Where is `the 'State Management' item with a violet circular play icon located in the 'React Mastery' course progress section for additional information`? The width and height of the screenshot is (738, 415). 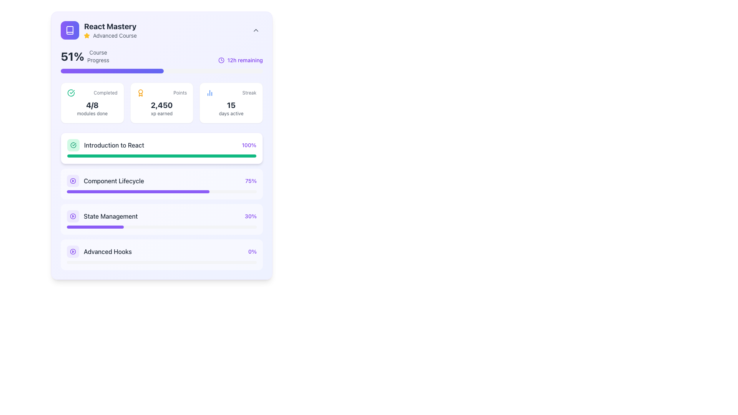
the 'State Management' item with a violet circular play icon located in the 'React Mastery' course progress section for additional information is located at coordinates (102, 216).